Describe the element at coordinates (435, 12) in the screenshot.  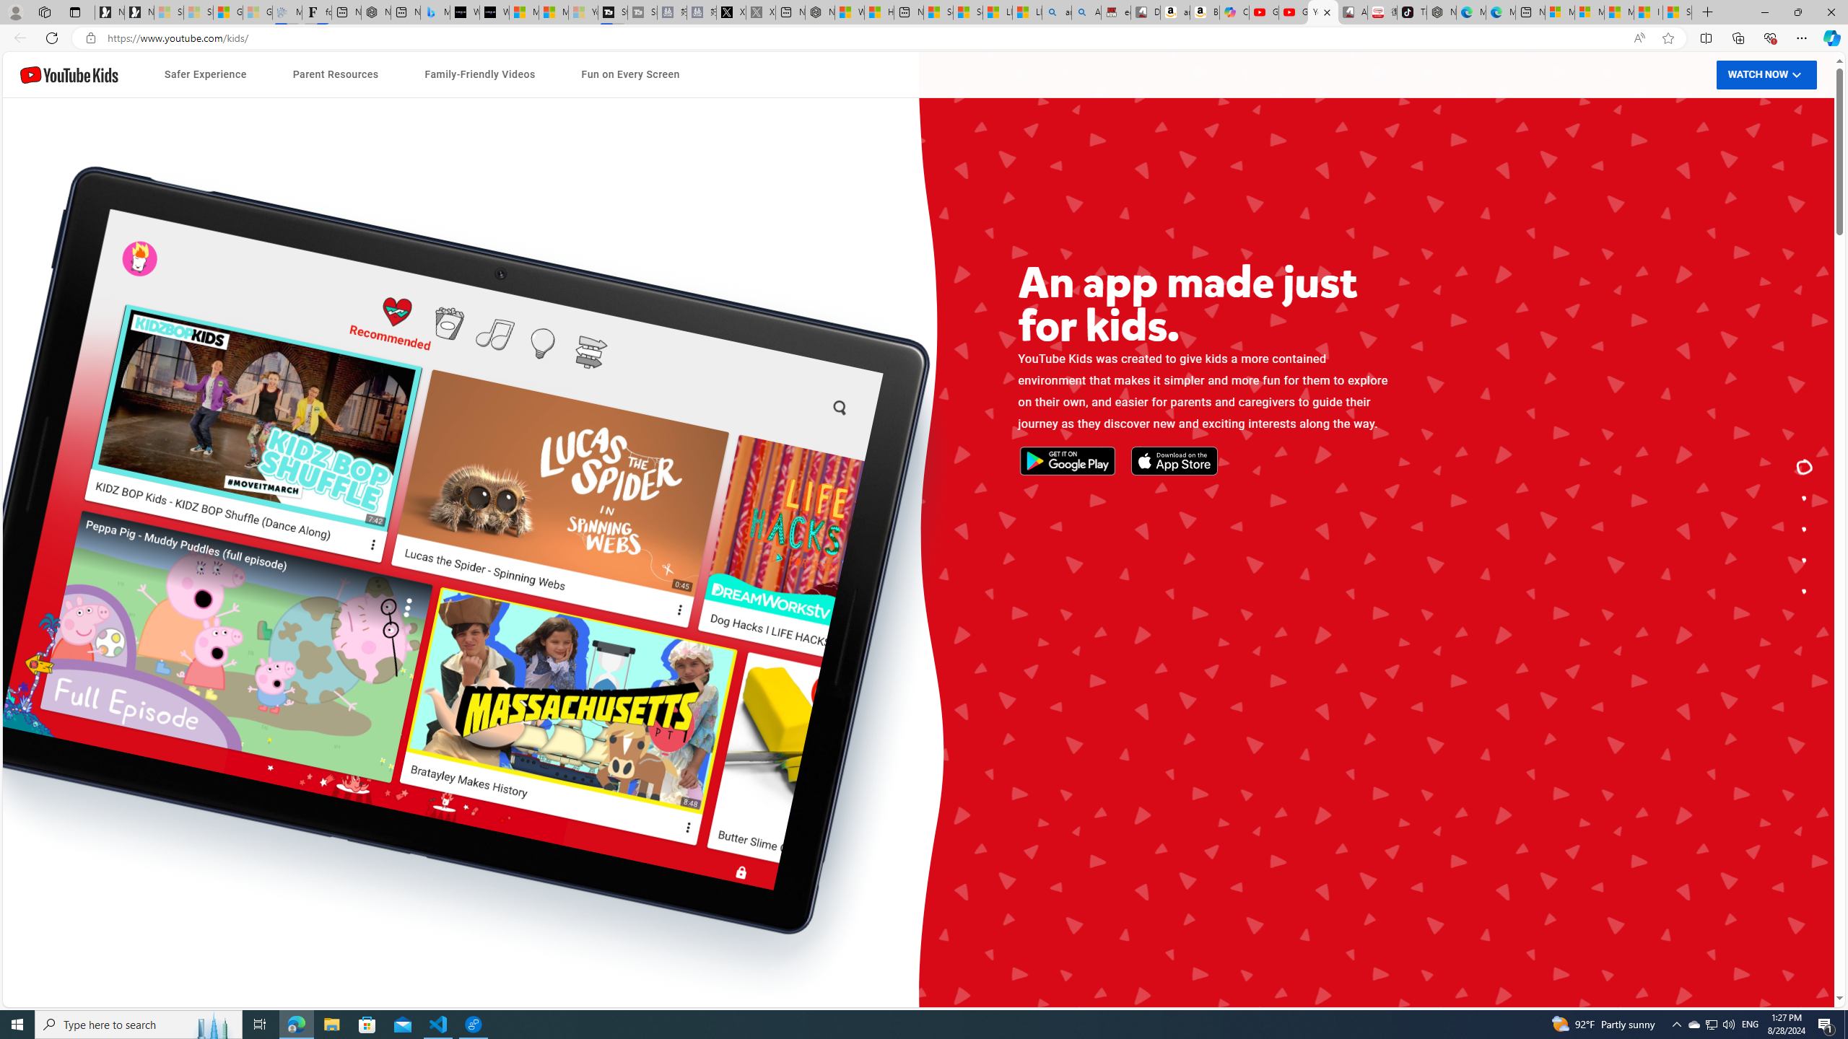
I see `'Microsoft Bing Travel - Shangri-La Hotel Bangkok'` at that location.